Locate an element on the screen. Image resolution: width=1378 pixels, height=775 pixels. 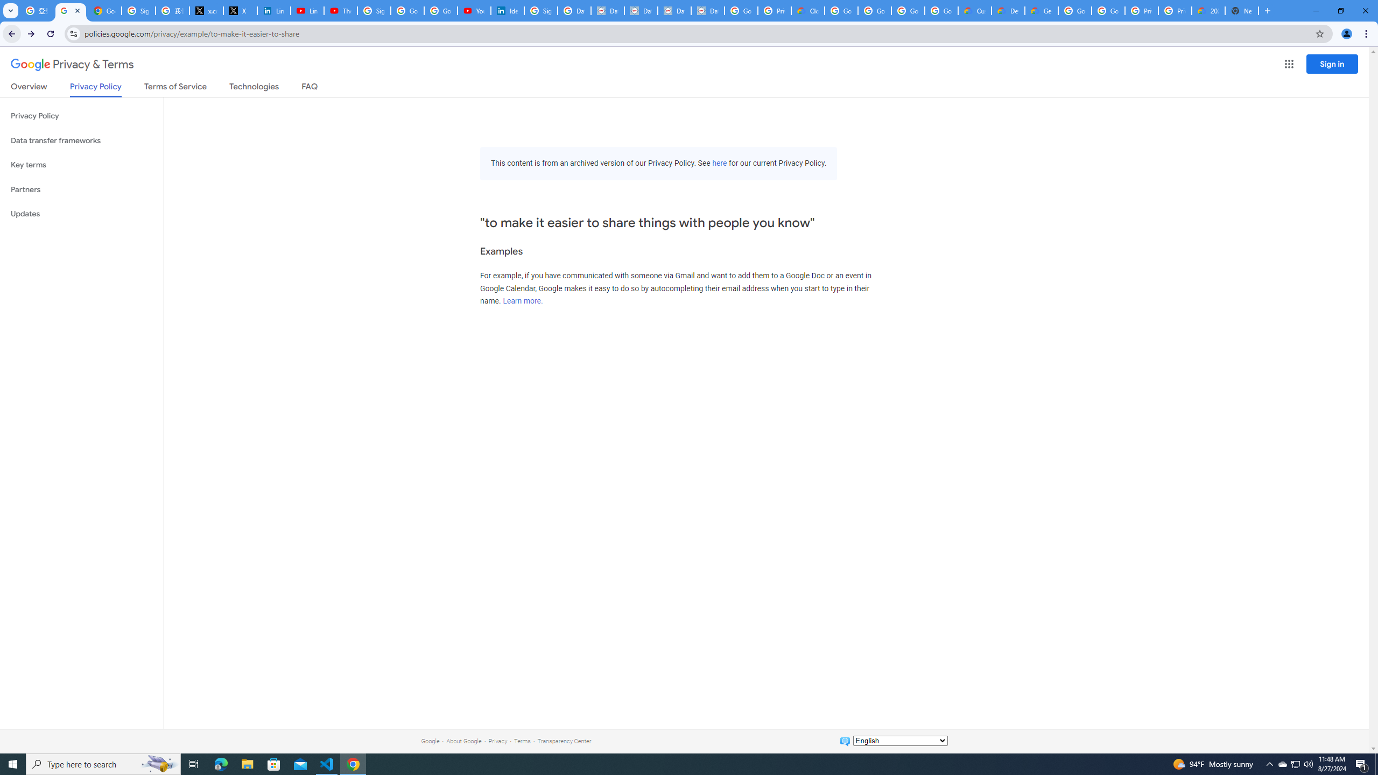
'Change language:' is located at coordinates (899, 739).